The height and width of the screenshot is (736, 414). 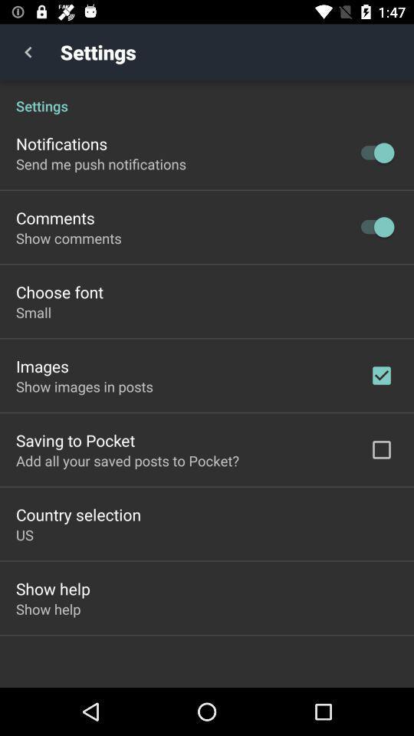 What do you see at coordinates (58, 291) in the screenshot?
I see `choose font icon` at bounding box center [58, 291].